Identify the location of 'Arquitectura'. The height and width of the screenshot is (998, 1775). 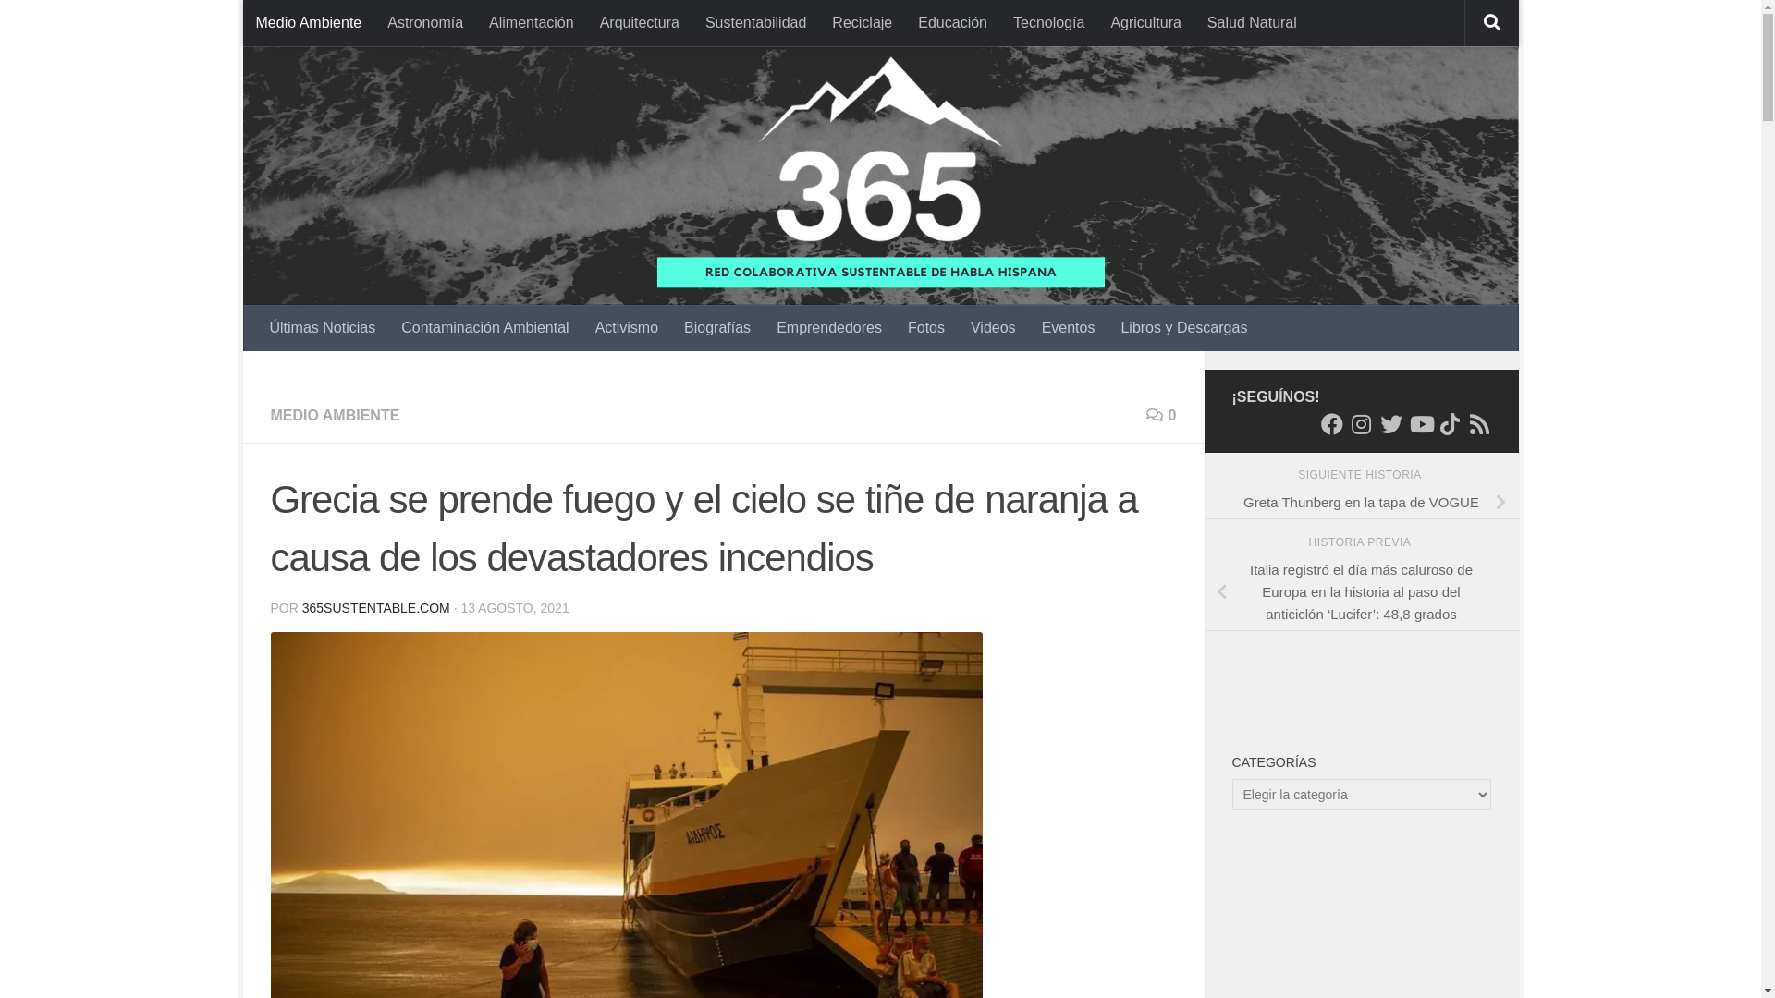
(639, 22).